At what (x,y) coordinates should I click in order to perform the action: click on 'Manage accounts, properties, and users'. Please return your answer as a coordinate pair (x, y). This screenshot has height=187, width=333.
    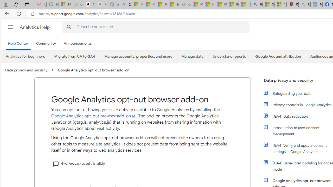
    Looking at the image, I should click on (138, 56).